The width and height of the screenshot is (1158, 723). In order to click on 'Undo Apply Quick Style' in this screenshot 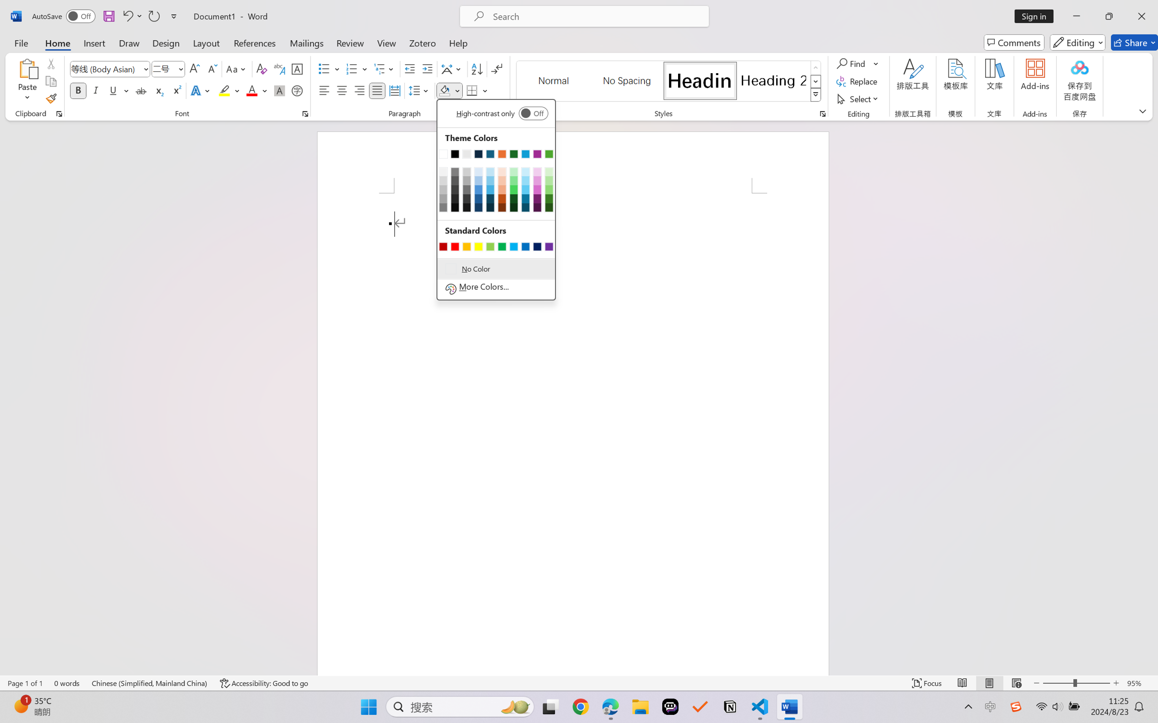, I will do `click(131, 16)`.